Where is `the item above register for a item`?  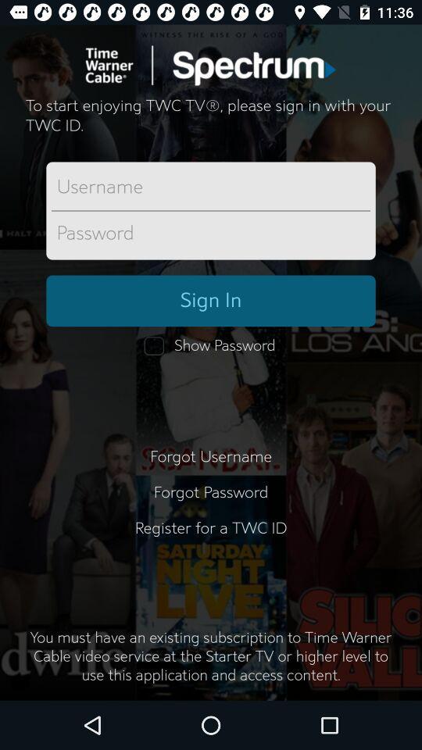
the item above register for a item is located at coordinates (211, 492).